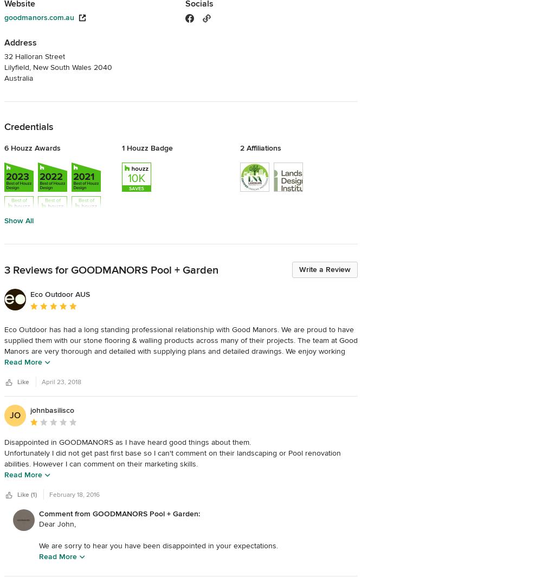  I want to click on 'Eco Outdoor AUS', so click(60, 294).